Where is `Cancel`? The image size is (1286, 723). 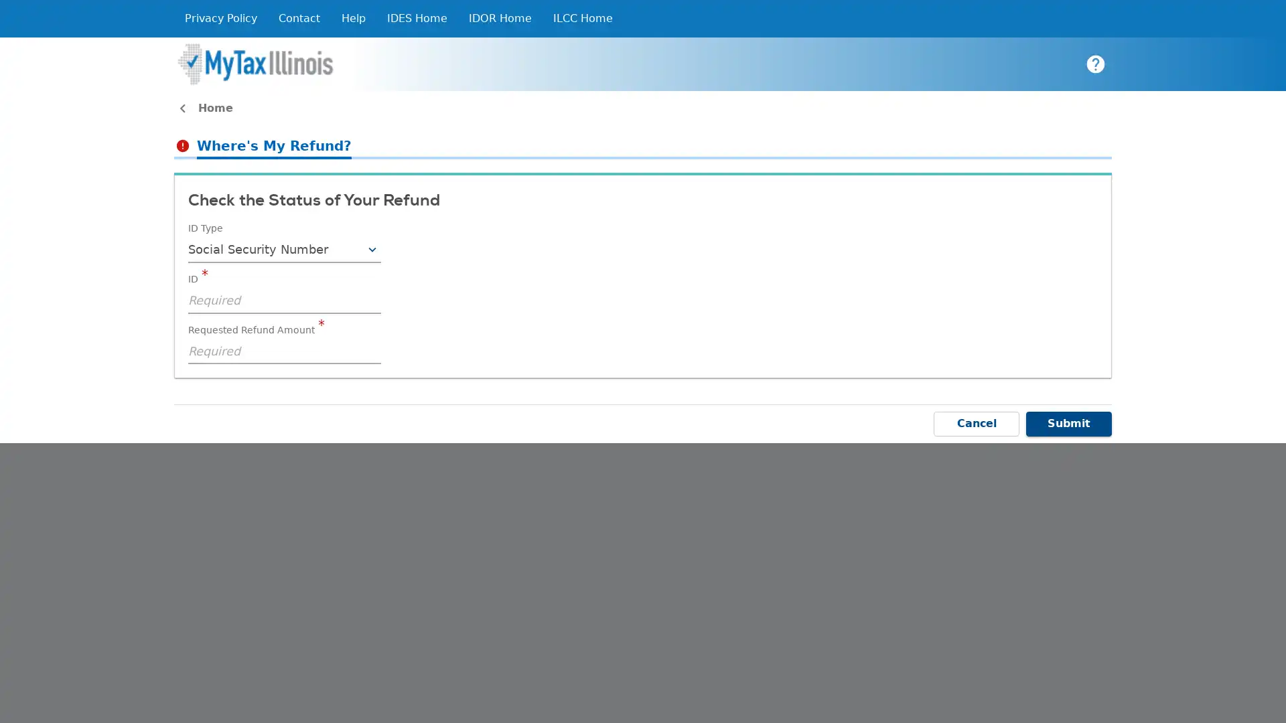 Cancel is located at coordinates (977, 423).